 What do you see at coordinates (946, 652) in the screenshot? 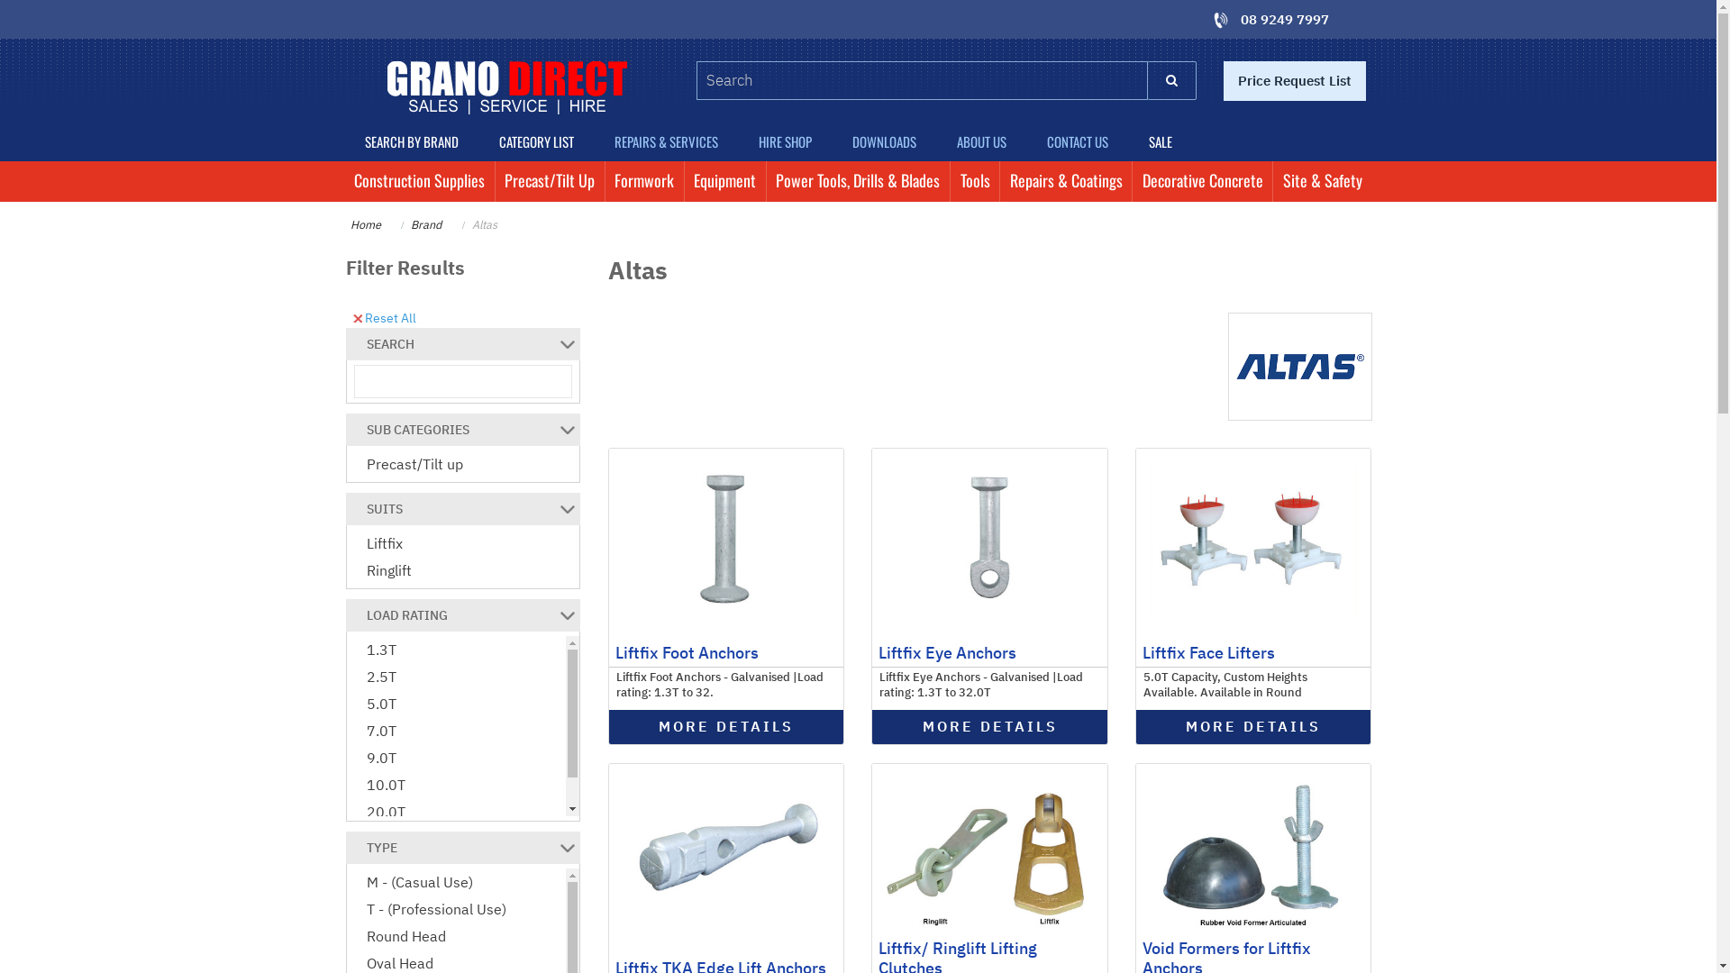
I see `'Liftfix Eye Anchors'` at bounding box center [946, 652].